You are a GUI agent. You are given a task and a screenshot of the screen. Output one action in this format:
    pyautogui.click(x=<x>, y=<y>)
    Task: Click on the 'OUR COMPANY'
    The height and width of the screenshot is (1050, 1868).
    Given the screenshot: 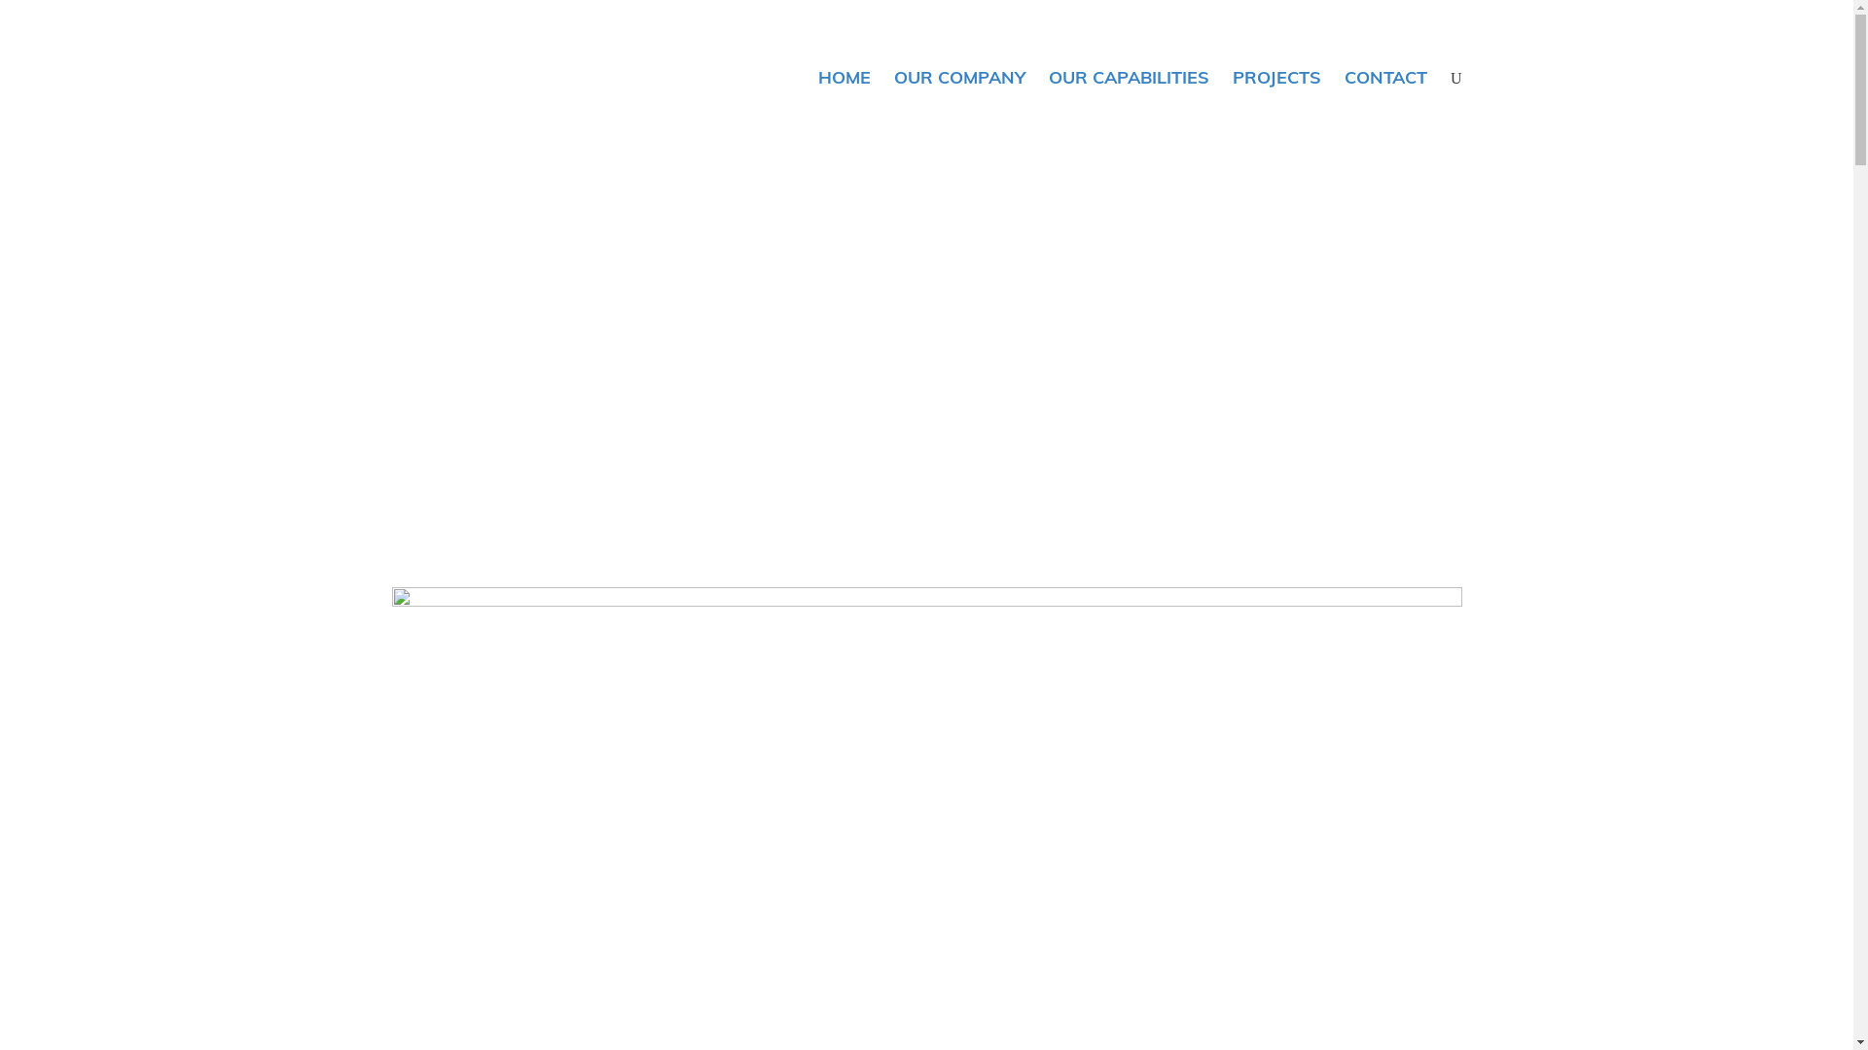 What is the action you would take?
    pyautogui.click(x=881, y=77)
    